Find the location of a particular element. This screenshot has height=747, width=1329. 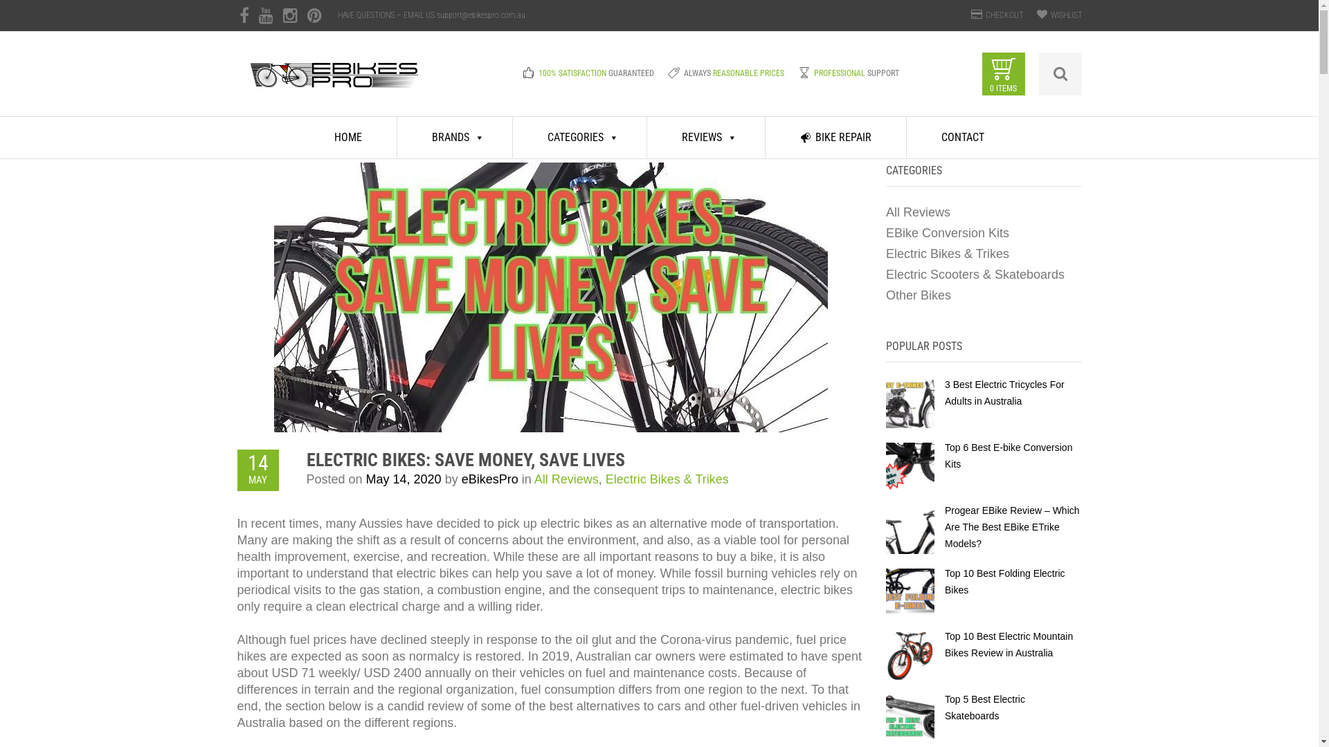

'CONTACT' is located at coordinates (962, 138).